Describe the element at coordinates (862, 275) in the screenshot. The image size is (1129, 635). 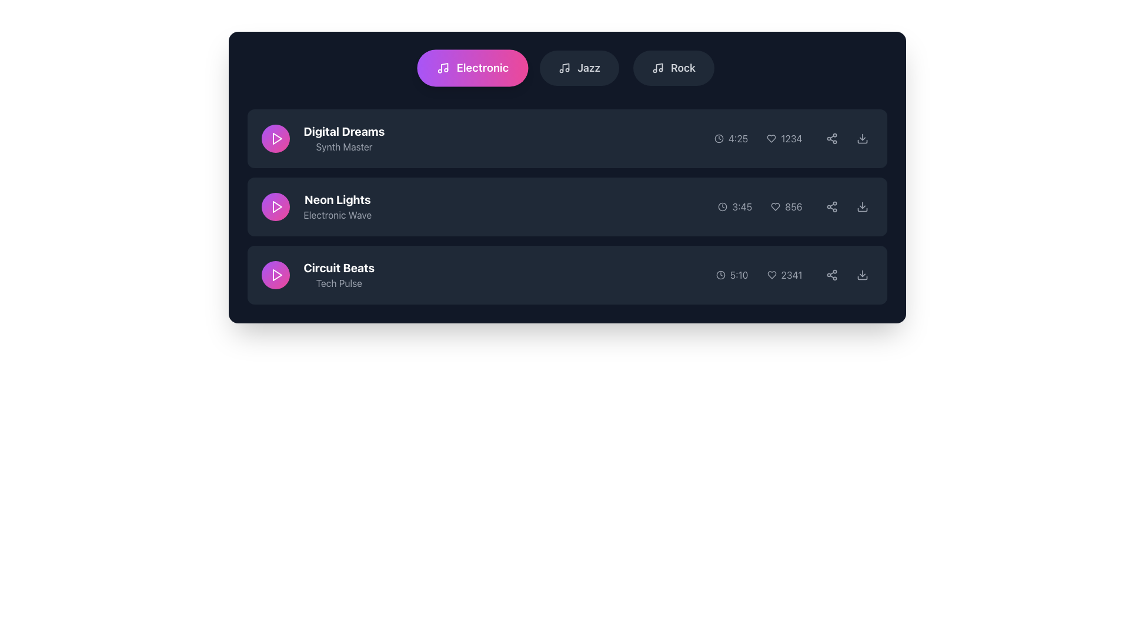
I see `the download button for the track in the third row to observe the hover effect` at that location.